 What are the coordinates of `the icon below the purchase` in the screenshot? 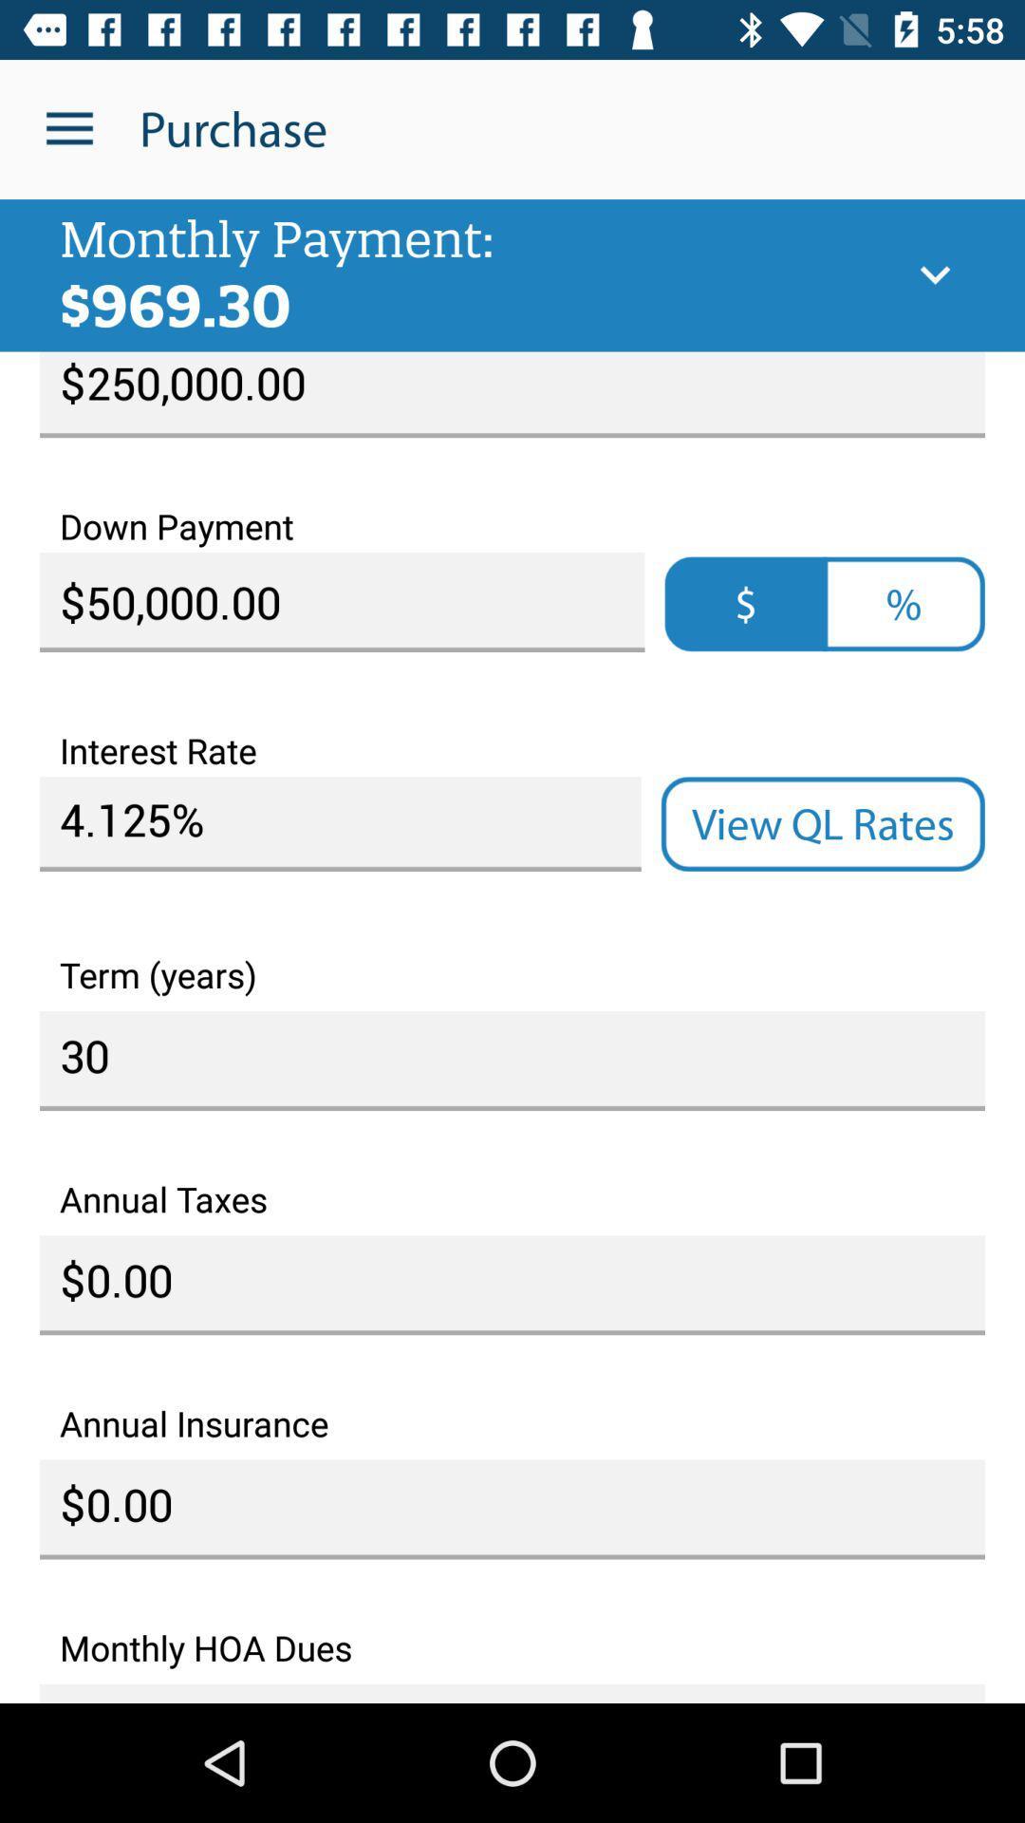 It's located at (934, 274).